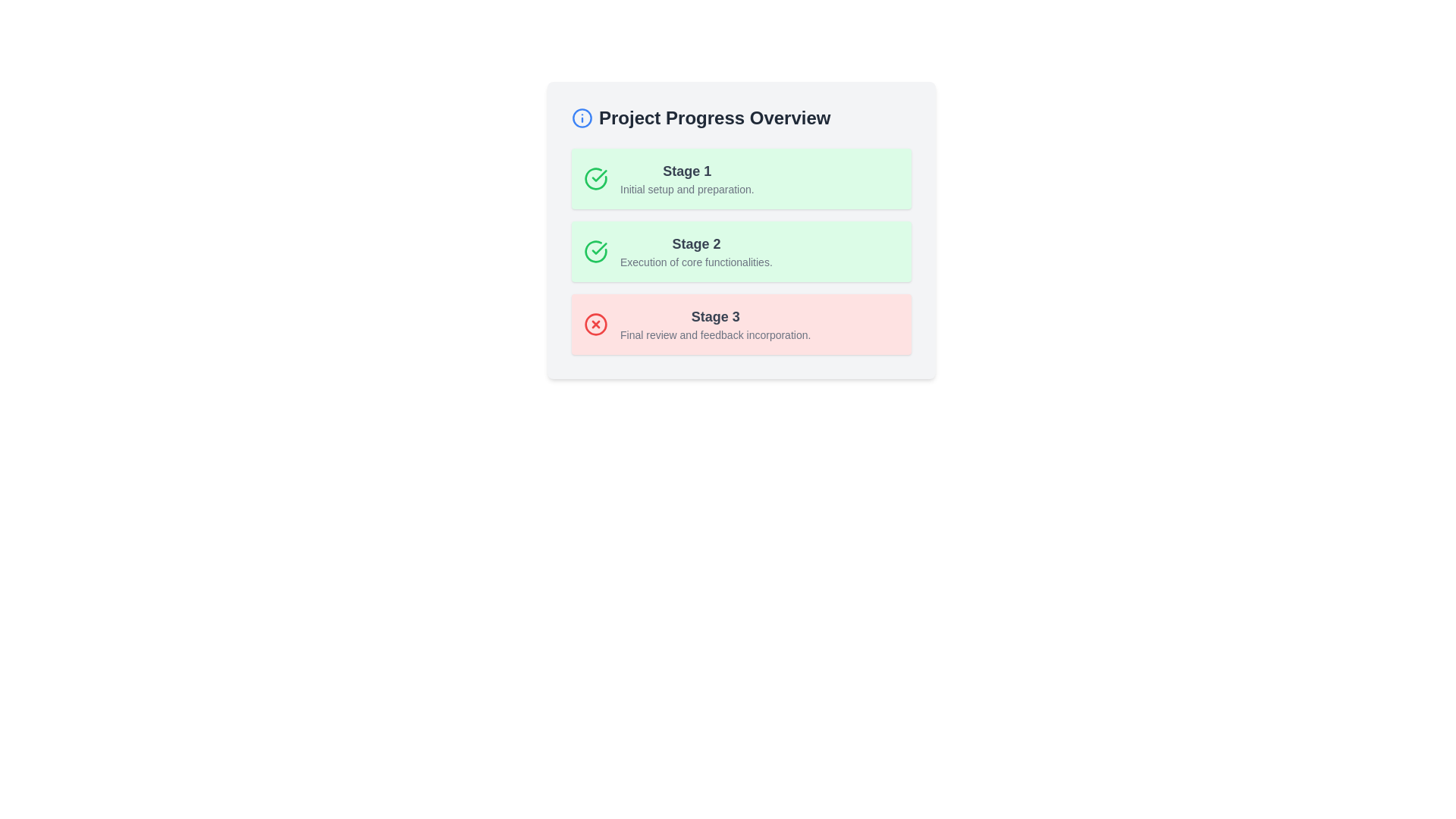  Describe the element at coordinates (686, 171) in the screenshot. I see `the text label displaying 'Stage 1', which is styled in bold dark gray on a light green background, indicating the first stage in the project progress overview` at that location.